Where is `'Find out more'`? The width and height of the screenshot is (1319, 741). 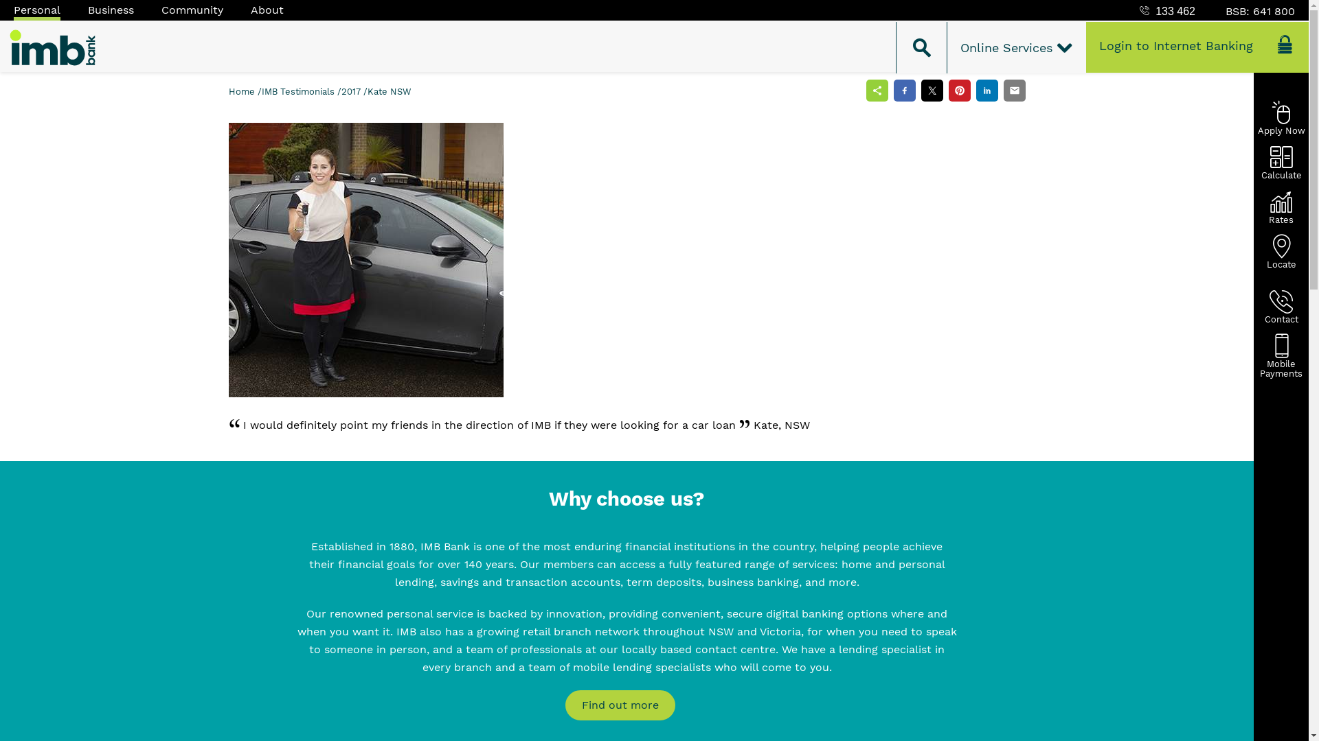 'Find out more' is located at coordinates (619, 705).